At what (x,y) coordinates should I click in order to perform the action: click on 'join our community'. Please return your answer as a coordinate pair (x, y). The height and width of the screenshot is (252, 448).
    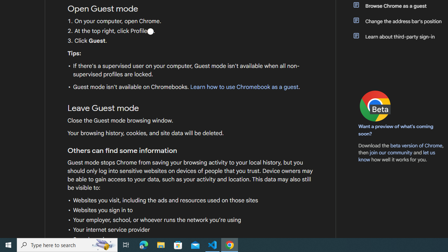
    Looking at the image, I should click on (390, 152).